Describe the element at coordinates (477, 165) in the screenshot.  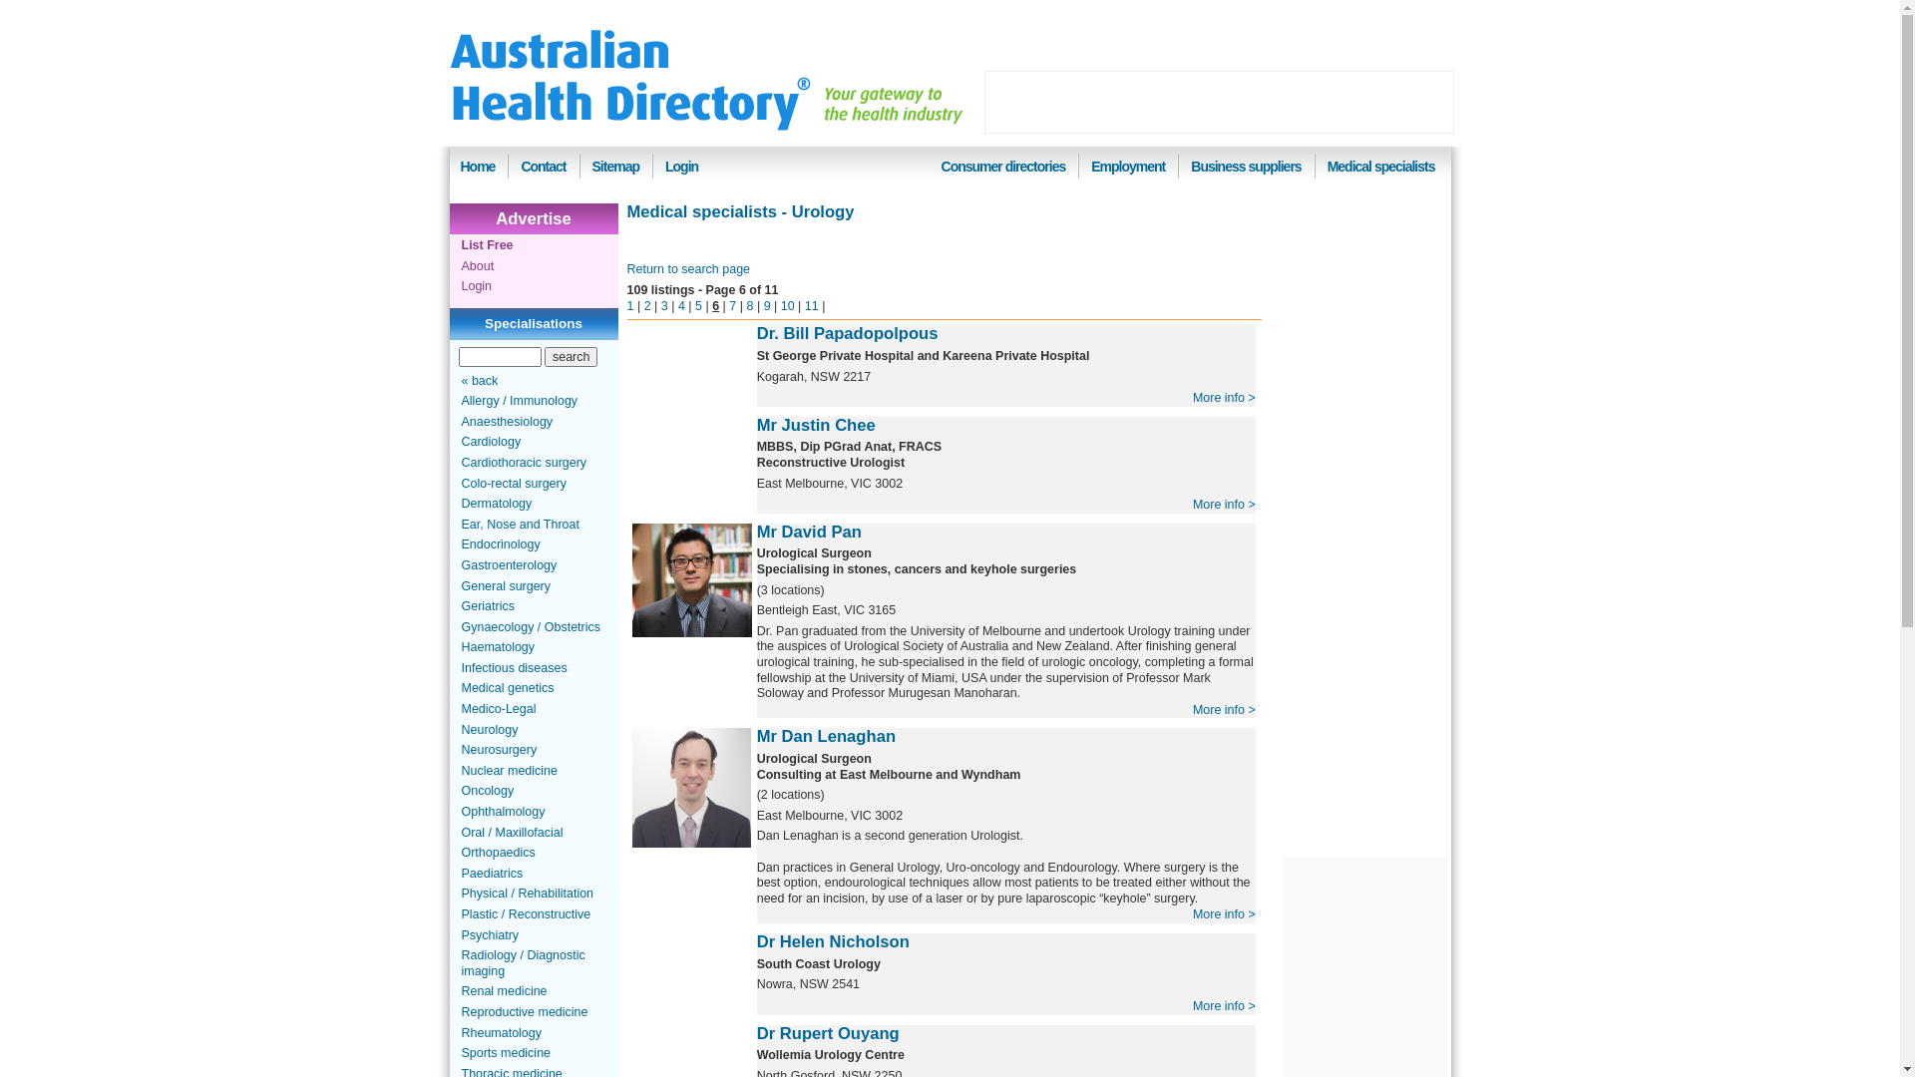
I see `'Home'` at that location.